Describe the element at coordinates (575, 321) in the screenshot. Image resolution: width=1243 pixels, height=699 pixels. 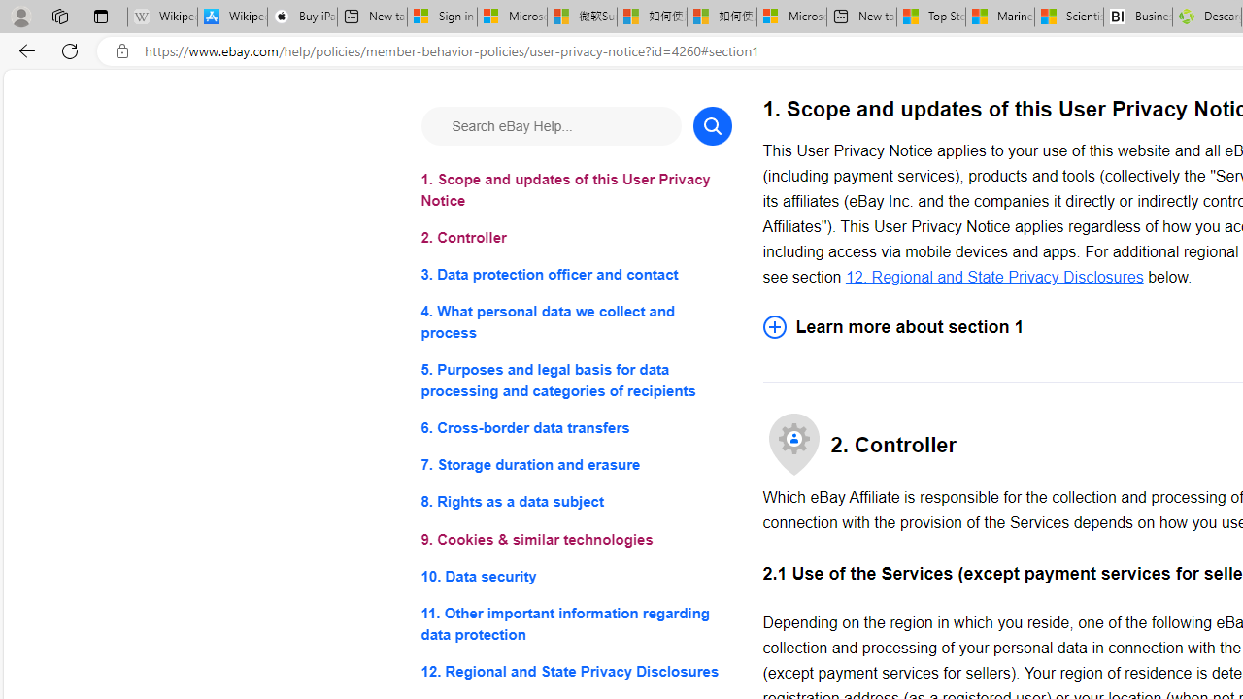
I see `'4. What personal data we collect and process'` at that location.